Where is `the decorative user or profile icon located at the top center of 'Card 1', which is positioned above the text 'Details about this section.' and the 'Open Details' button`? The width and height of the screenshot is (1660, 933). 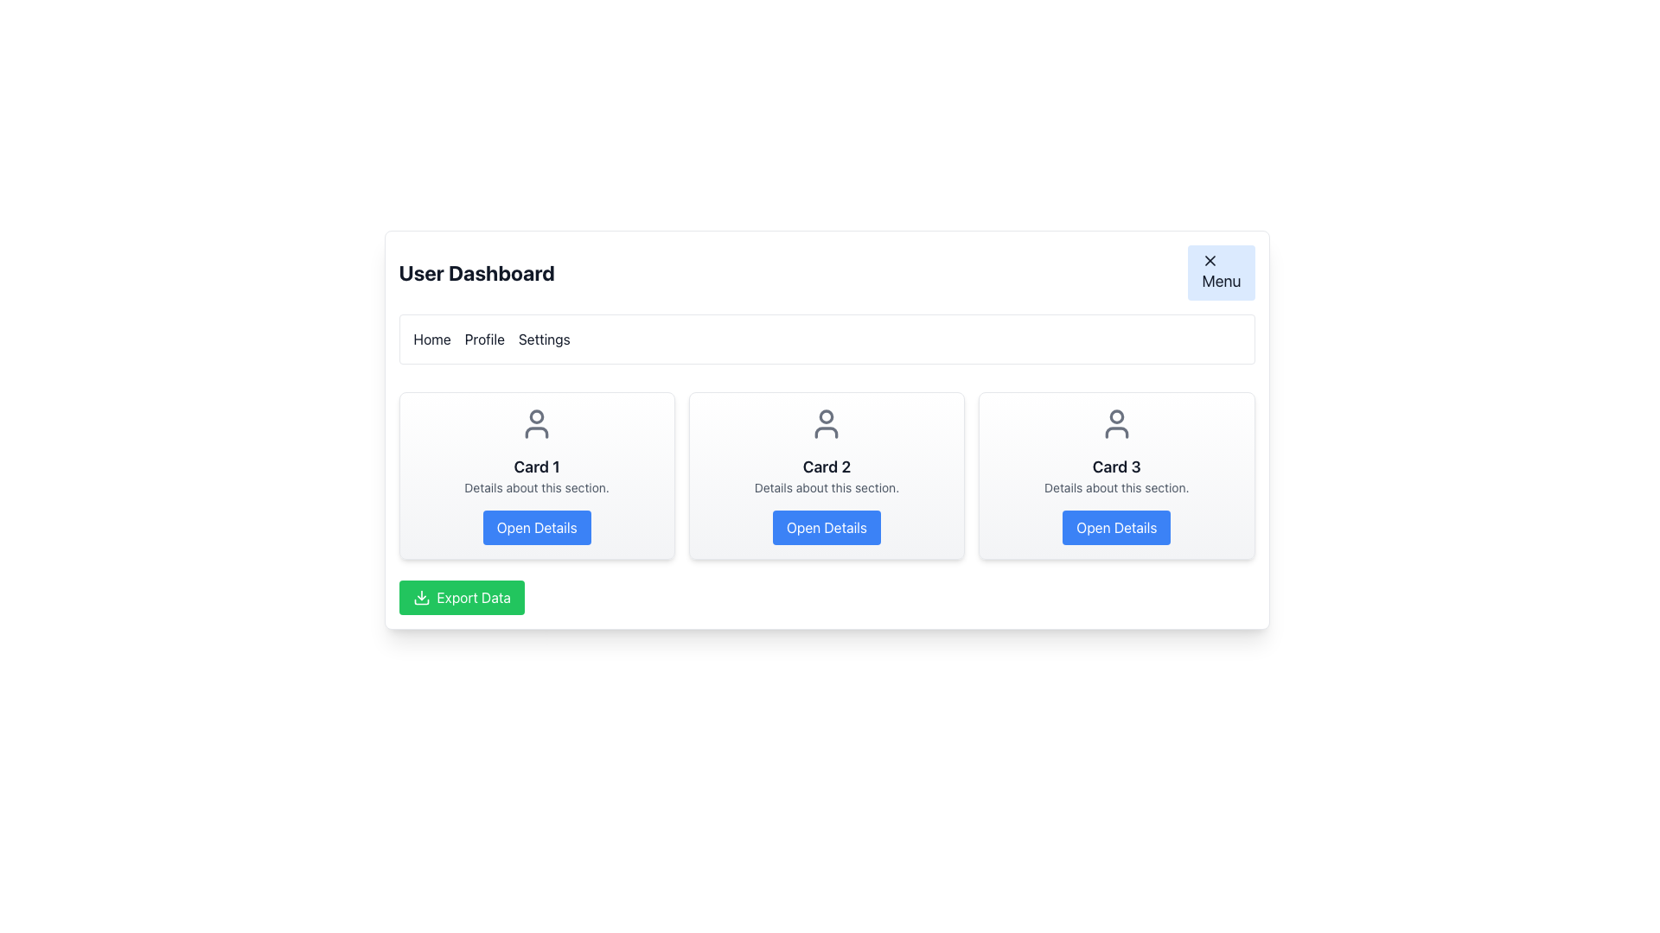
the decorative user or profile icon located at the top center of 'Card 1', which is positioned above the text 'Details about this section.' and the 'Open Details' button is located at coordinates (536, 423).